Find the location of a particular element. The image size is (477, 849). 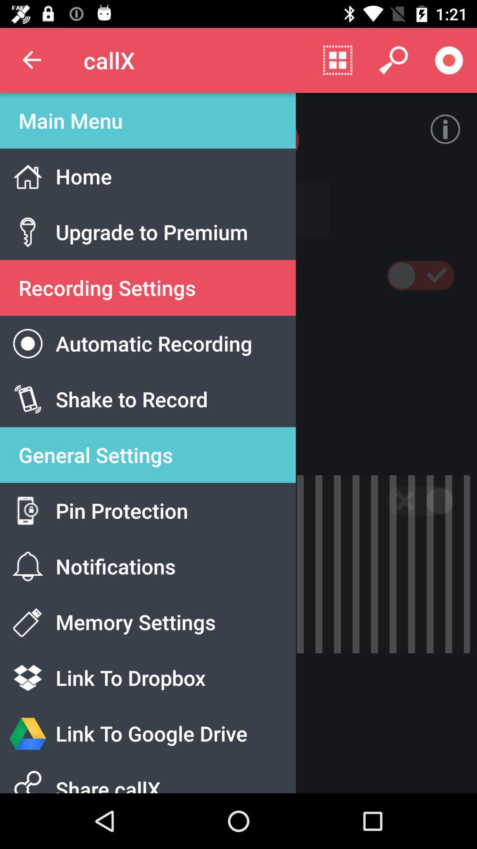

the info icon is located at coordinates (445, 129).